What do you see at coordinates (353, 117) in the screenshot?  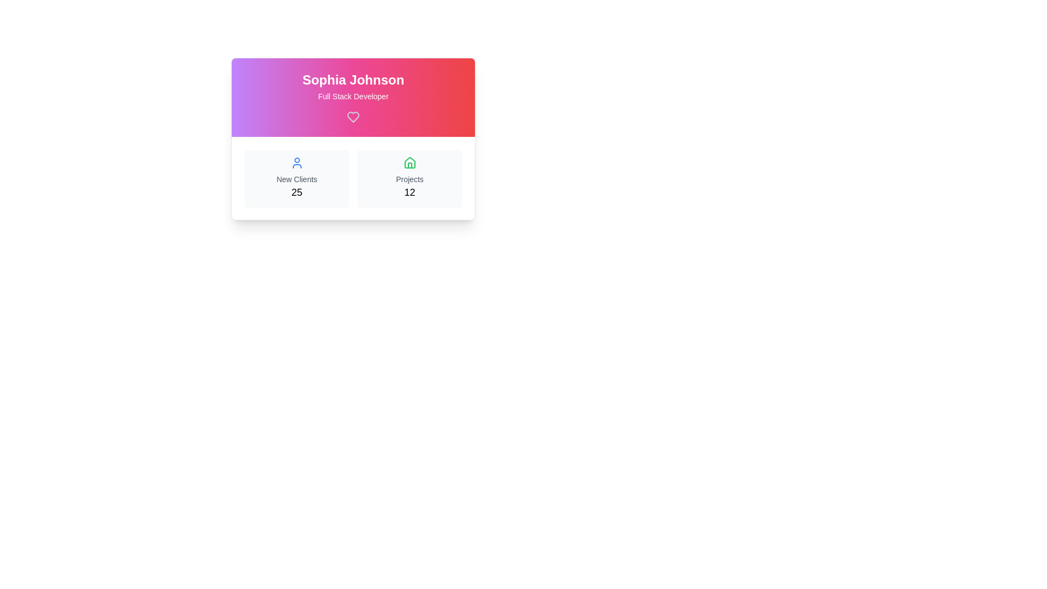 I see `the Icon Button located at the top-center of the card` at bounding box center [353, 117].